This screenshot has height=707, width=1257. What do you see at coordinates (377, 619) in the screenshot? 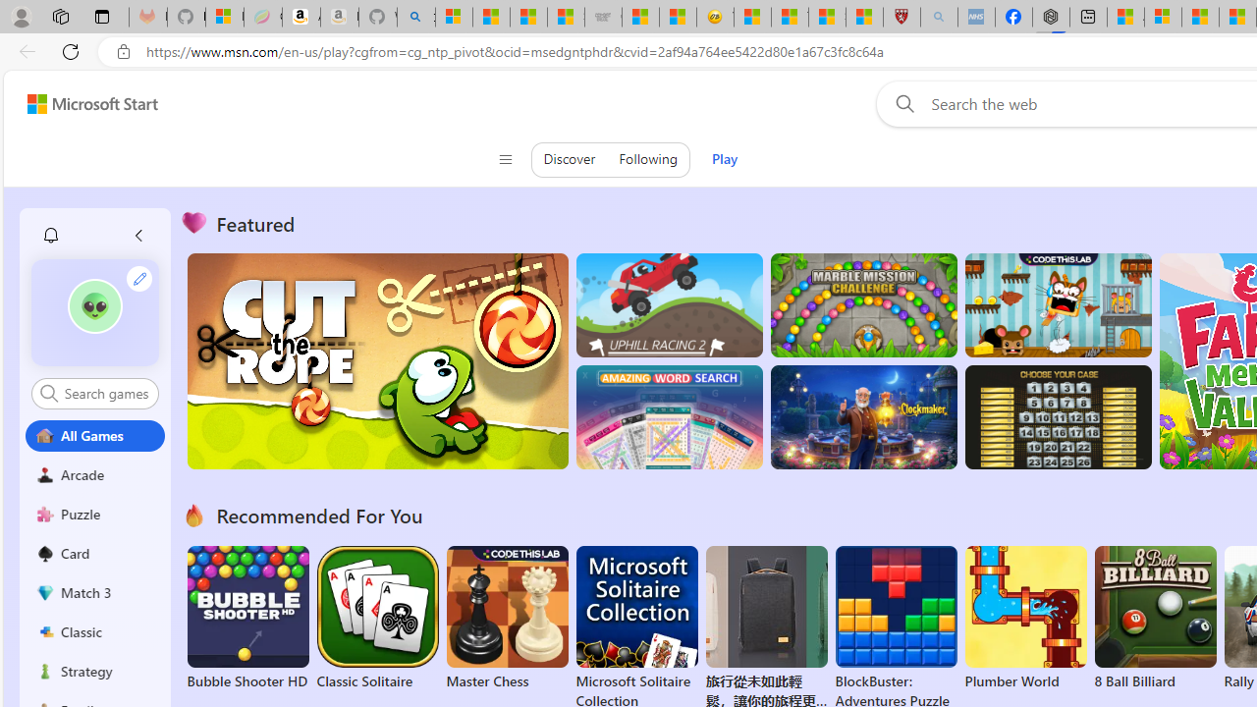
I see `'Classic Solitaire'` at bounding box center [377, 619].